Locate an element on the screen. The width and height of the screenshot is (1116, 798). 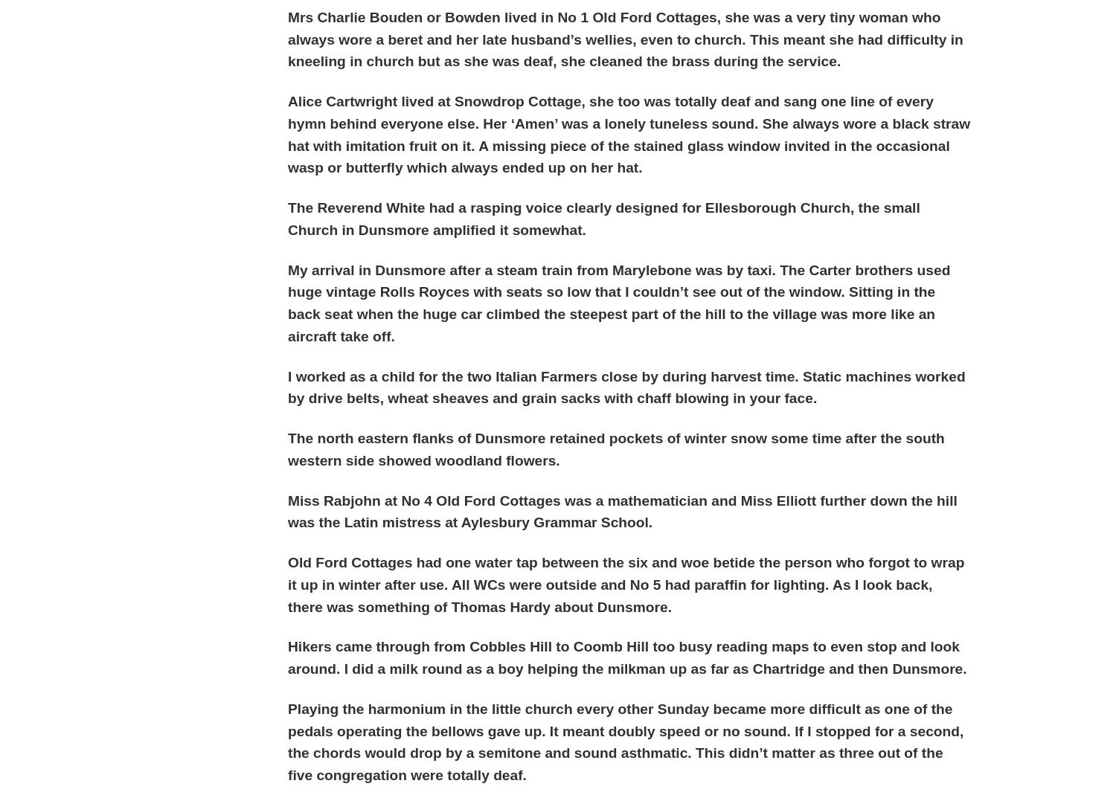
'Mrs Charlie Bouden or Bowden lived in No 1 Old Ford Cottages, she was a very tiny woman who always wore a beret and her late husband’s wellies, even to church. This meant she had difficulty in kneeling in church but as she was deaf, she cleaned the brass during the service.' is located at coordinates (288, 38).